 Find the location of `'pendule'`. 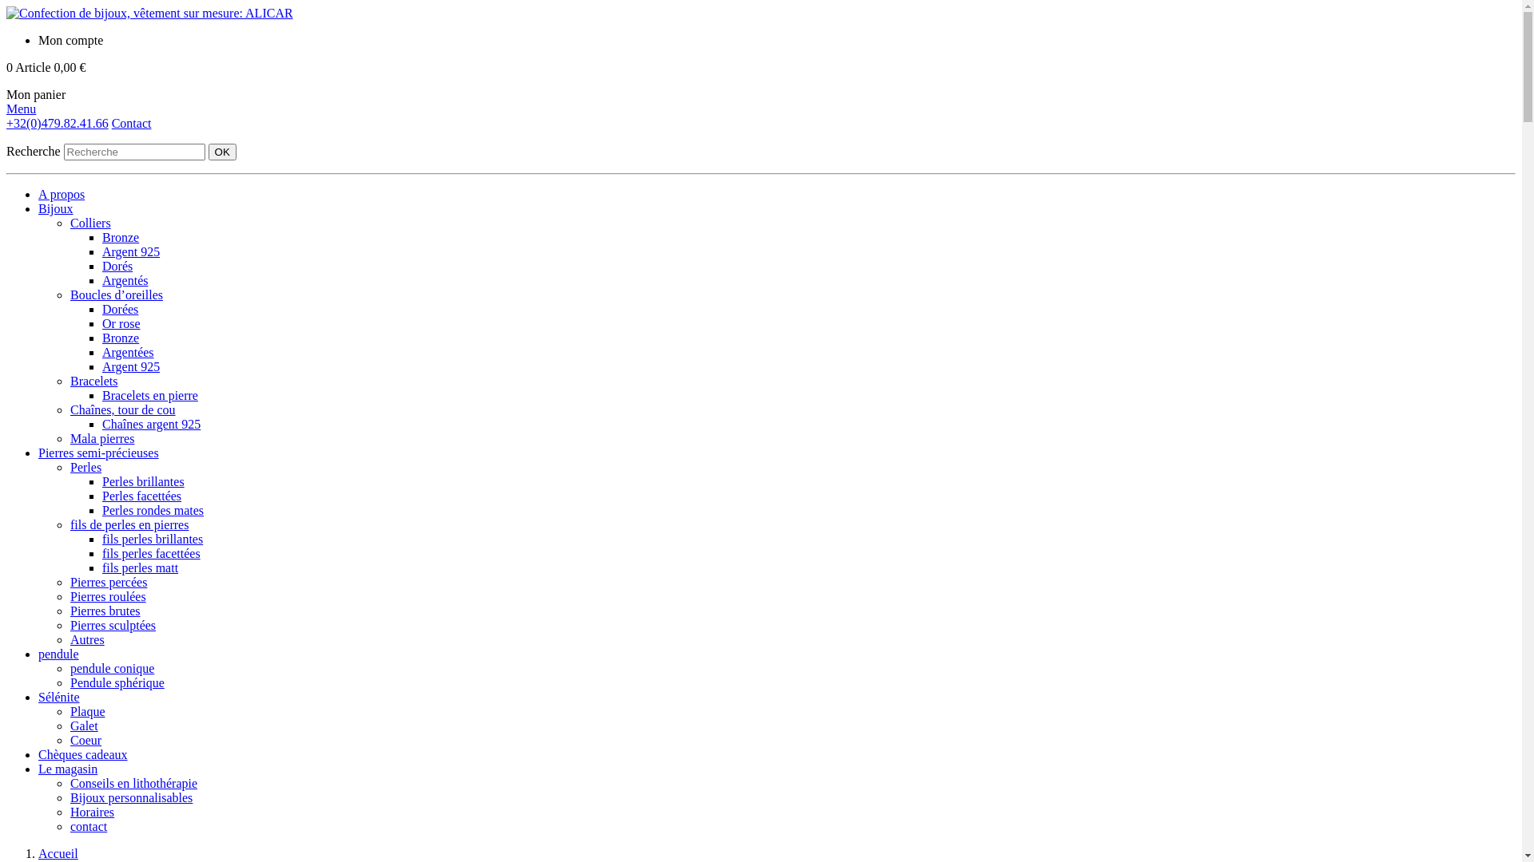

'pendule' is located at coordinates (58, 654).